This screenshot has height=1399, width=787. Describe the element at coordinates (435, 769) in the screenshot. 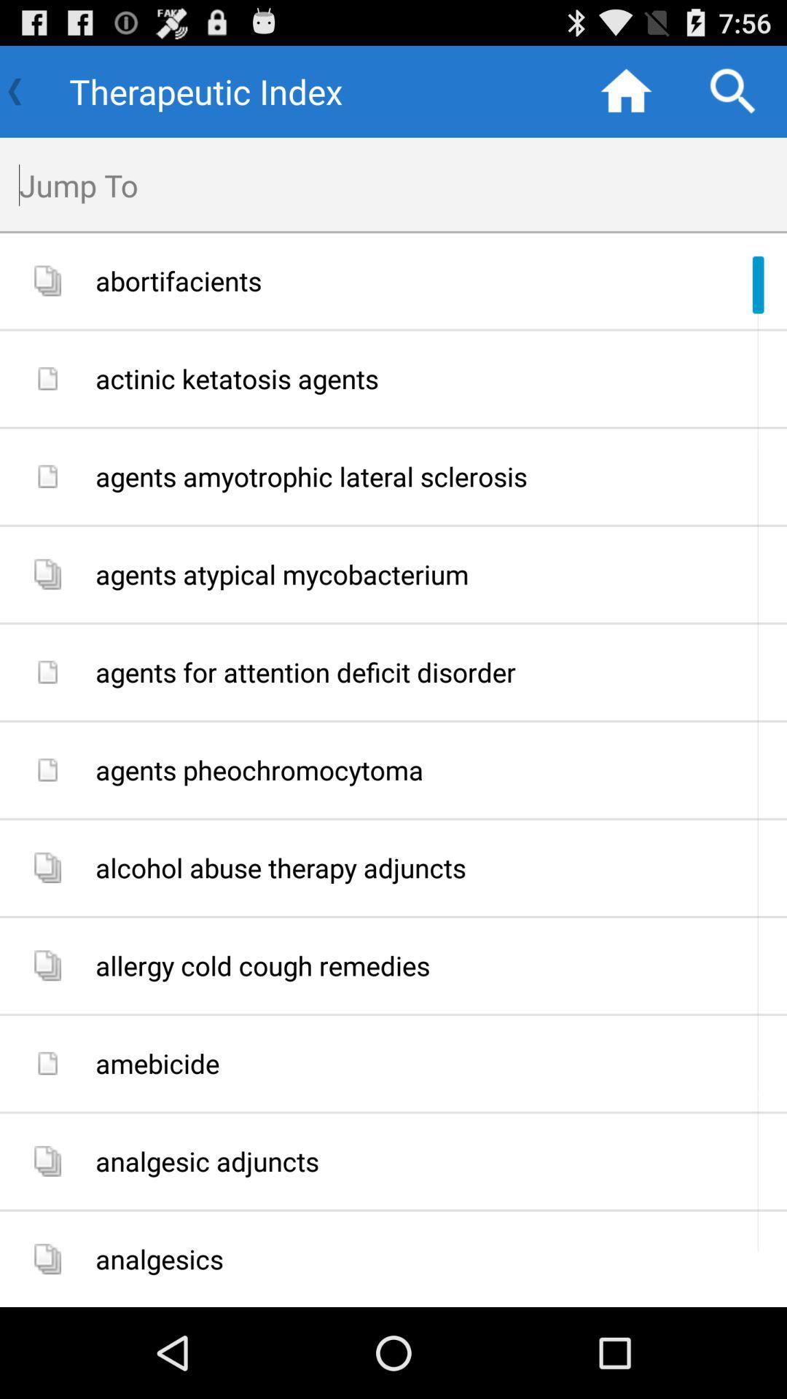

I see `the app above the alcohol abuse therapy app` at that location.